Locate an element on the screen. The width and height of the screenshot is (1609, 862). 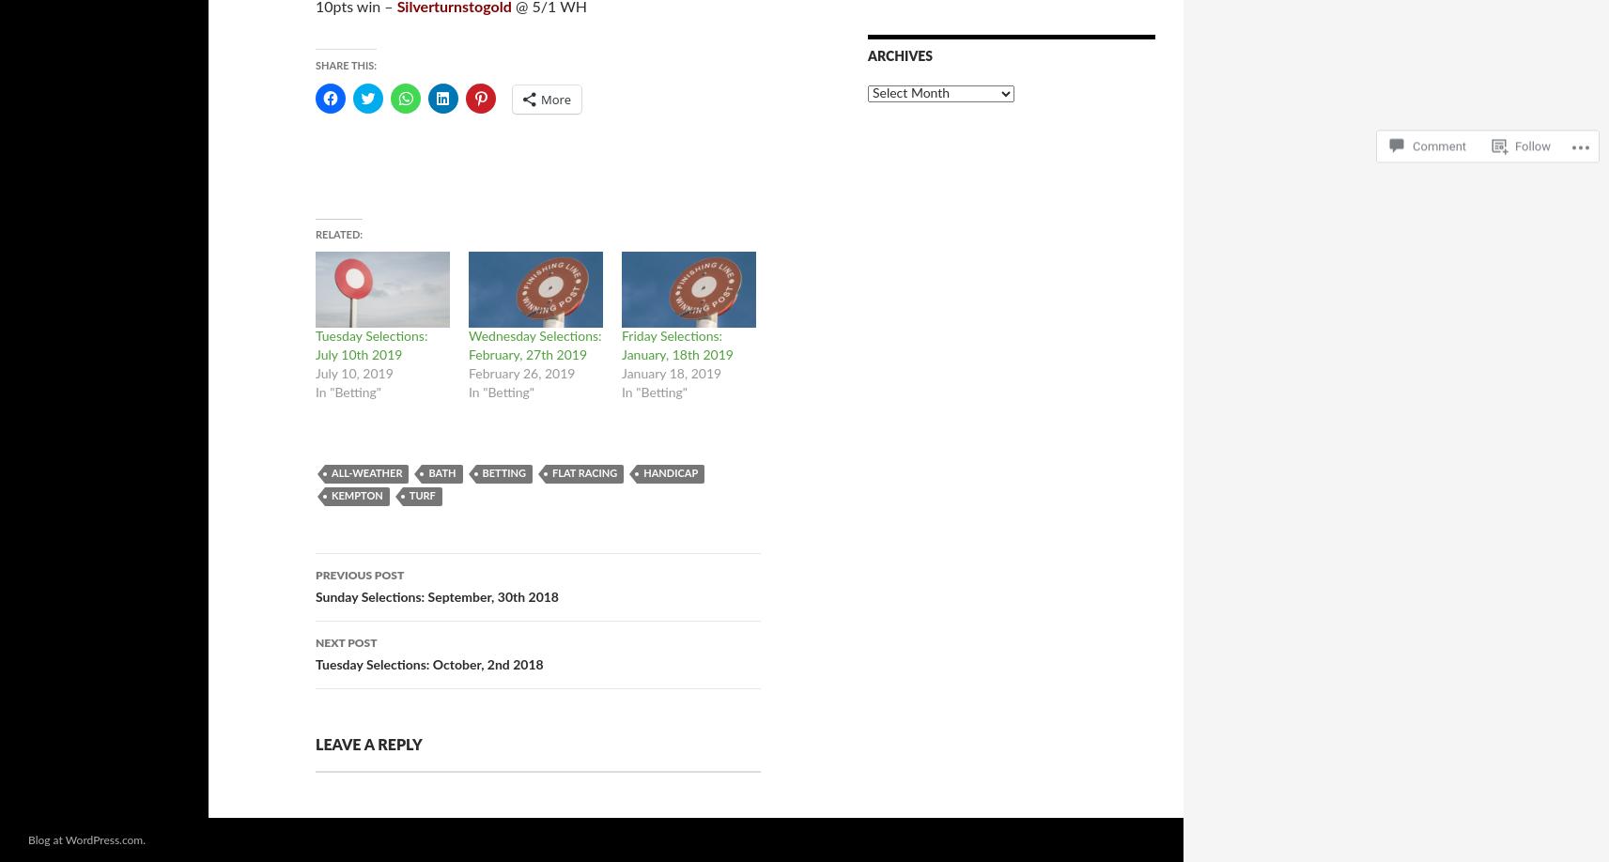
'All-Weather' is located at coordinates (365, 473).